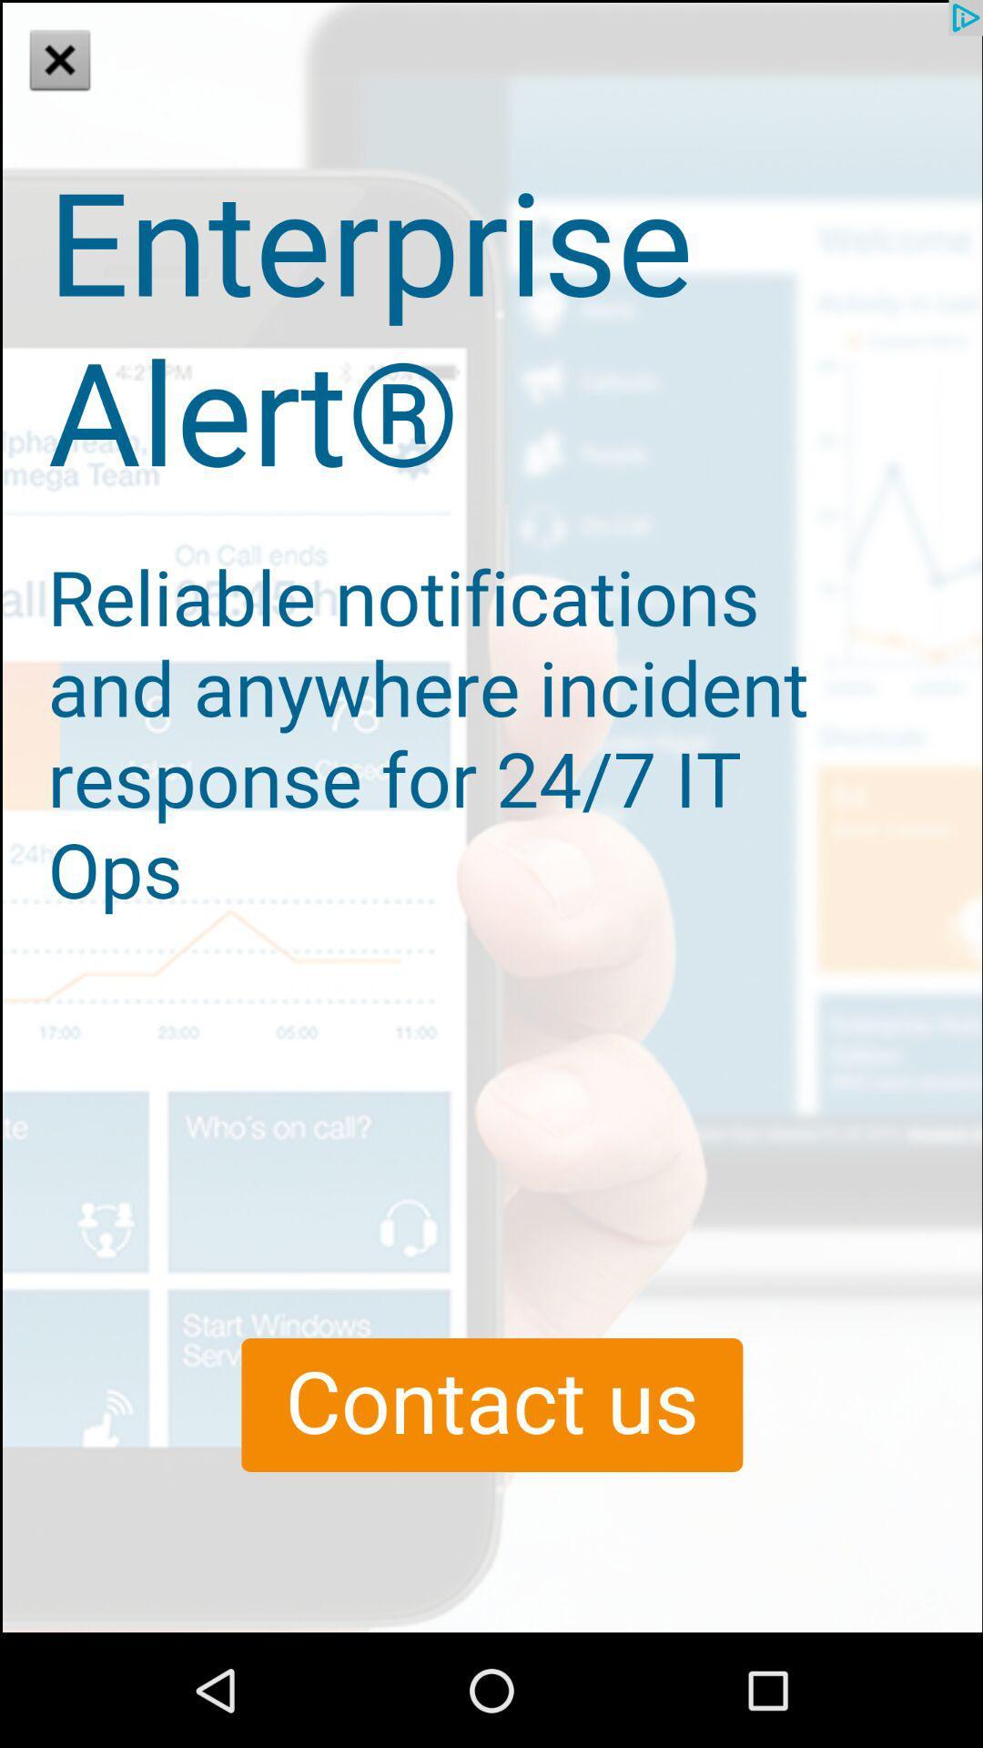 The height and width of the screenshot is (1748, 983). Describe the element at coordinates (58, 64) in the screenshot. I see `the close icon` at that location.